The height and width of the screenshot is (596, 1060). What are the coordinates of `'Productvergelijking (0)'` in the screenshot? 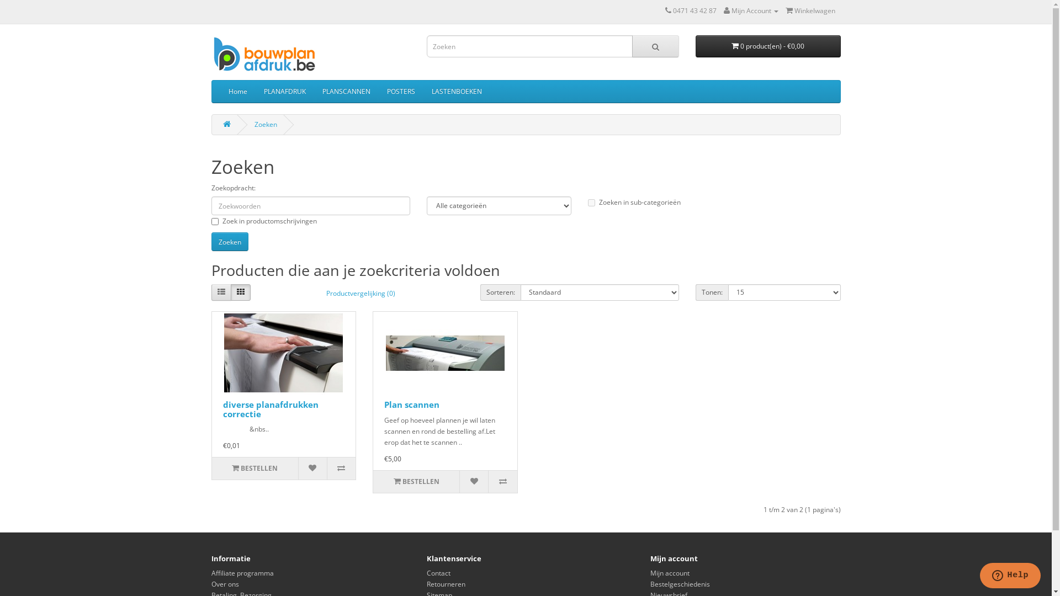 It's located at (361, 293).